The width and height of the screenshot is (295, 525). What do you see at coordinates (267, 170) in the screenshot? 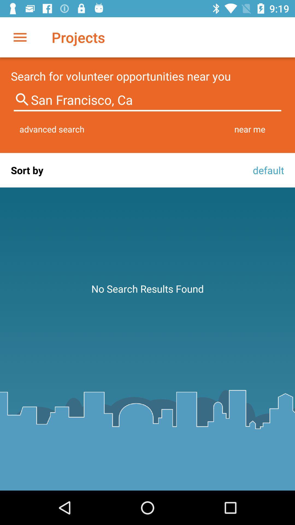
I see `icon above the no search results icon` at bounding box center [267, 170].